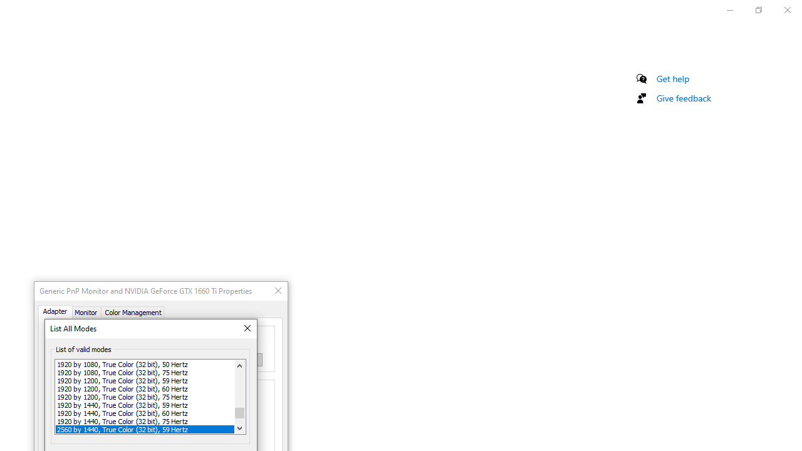 This screenshot has height=451, width=802. I want to click on '1920 by 1440, True Color (32 bit), 59 Hertz', so click(145, 405).